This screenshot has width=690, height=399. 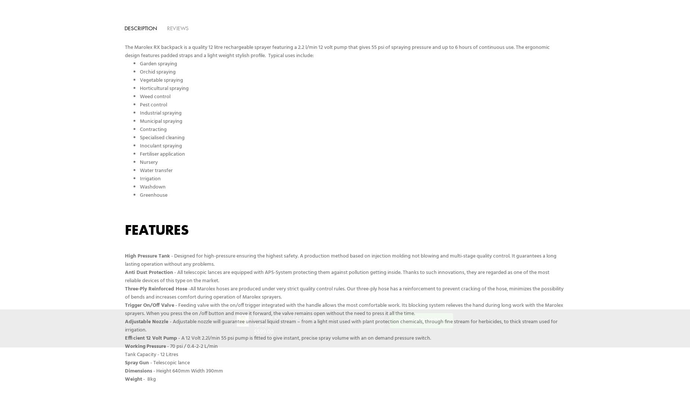 I want to click on 'All Marolex hoses are produced under very strict quality control rules. Our three-ply hose has a reinforcement to prevent cracking of the hose, minimizes the possibility of bends and increases comfort during operation of Marolex sprayers.', so click(x=344, y=293).